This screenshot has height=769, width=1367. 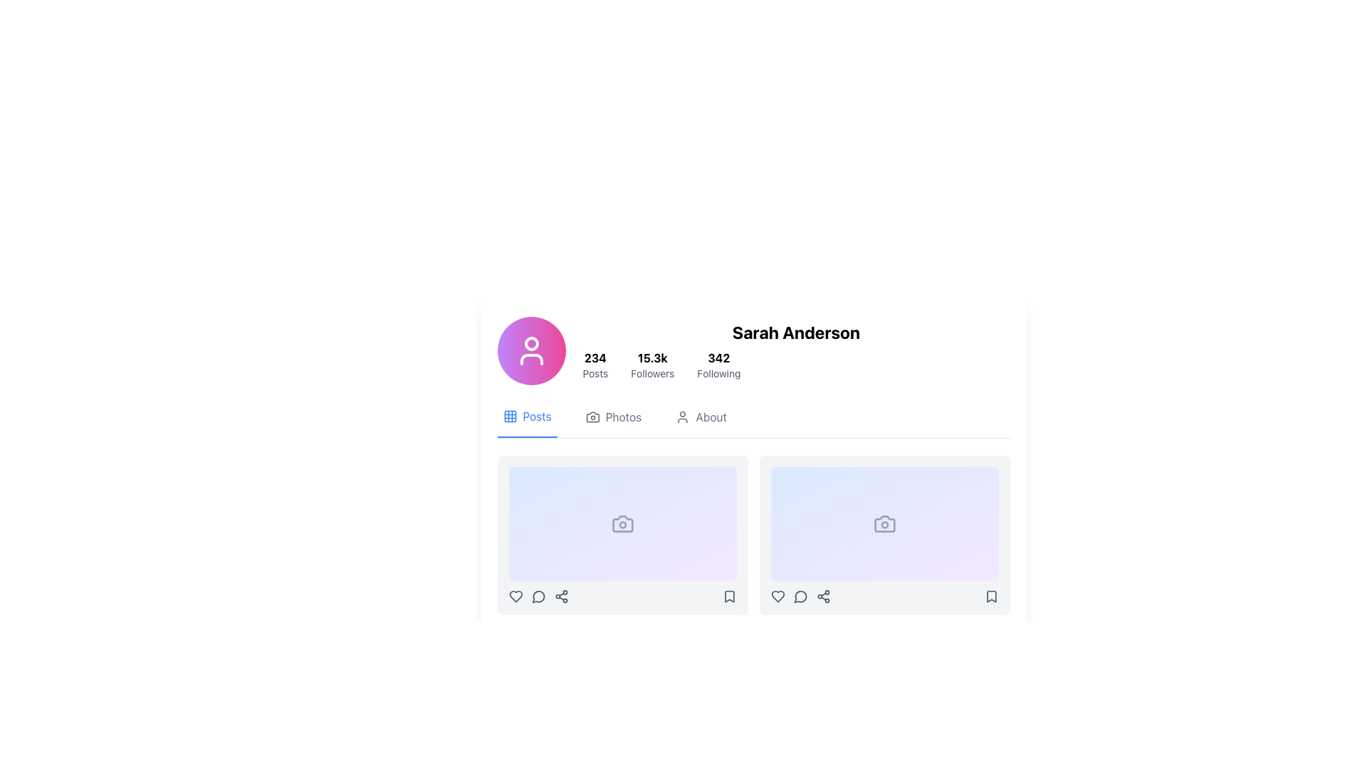 What do you see at coordinates (753, 422) in the screenshot?
I see `the Tab navigation bar located beneath the profile information and above the section displaying user posts or photos` at bounding box center [753, 422].